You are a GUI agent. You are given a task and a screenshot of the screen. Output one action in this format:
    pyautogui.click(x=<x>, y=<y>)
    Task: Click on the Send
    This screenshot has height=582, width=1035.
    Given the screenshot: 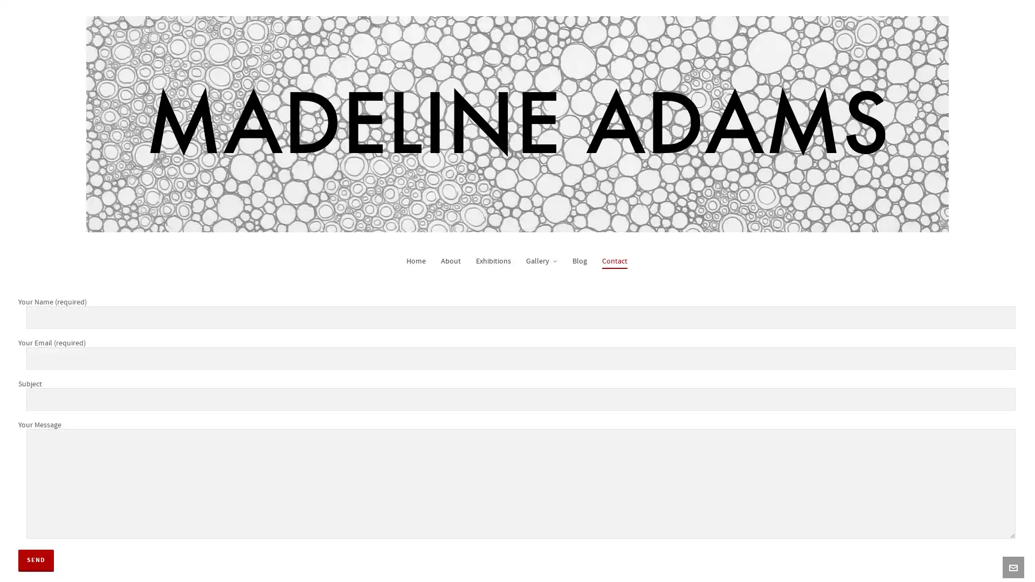 What is the action you would take?
    pyautogui.click(x=36, y=559)
    